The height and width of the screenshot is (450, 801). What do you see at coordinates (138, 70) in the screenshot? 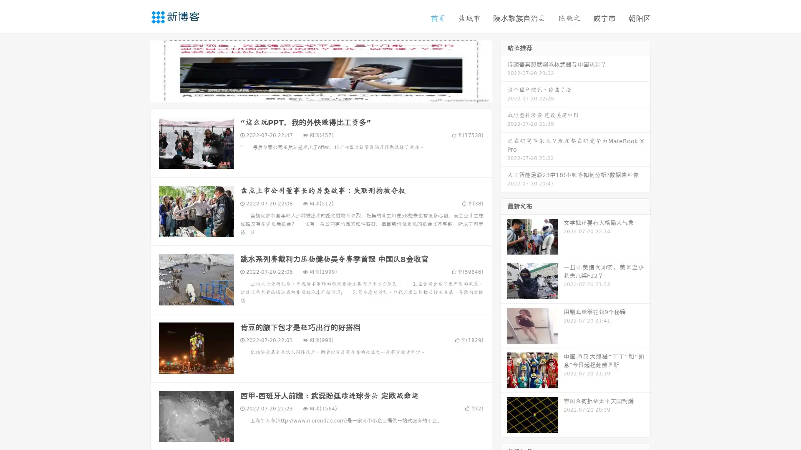
I see `Previous slide` at bounding box center [138, 70].